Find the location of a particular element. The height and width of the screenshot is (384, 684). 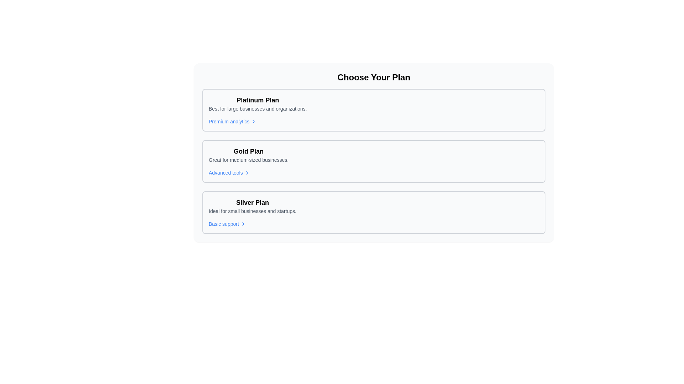

displayed text of the first list item, 'Platinum Plan', located below the heading 'Choose Your Plan' is located at coordinates (257, 104).